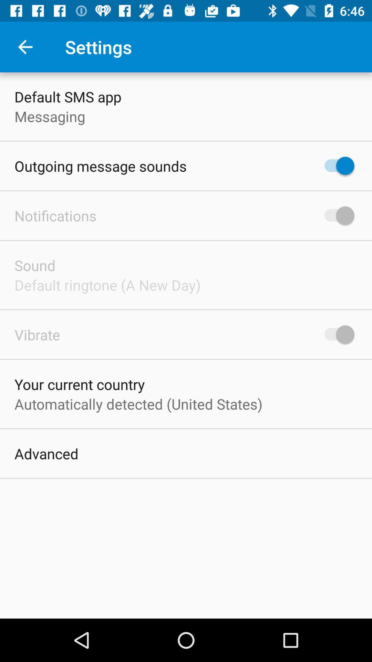 The width and height of the screenshot is (372, 662). I want to click on the automatically detected united, so click(138, 404).